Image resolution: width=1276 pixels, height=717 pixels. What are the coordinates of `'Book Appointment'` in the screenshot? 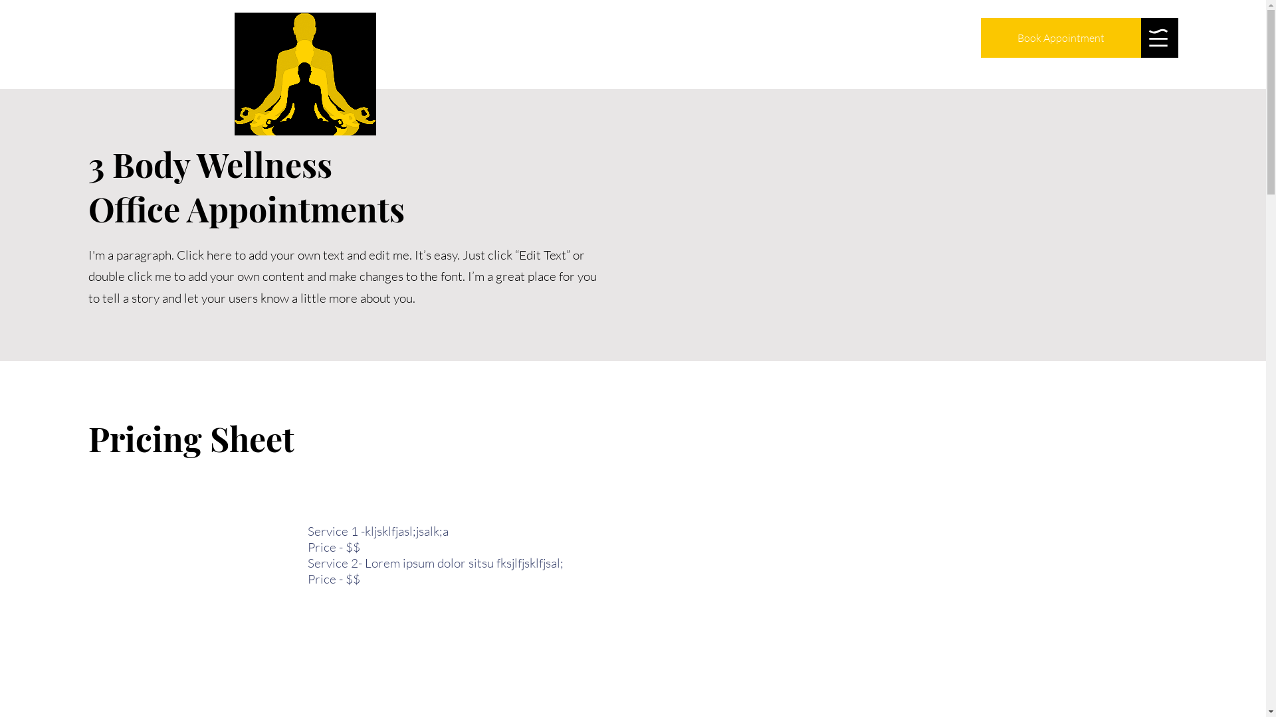 It's located at (981, 37).